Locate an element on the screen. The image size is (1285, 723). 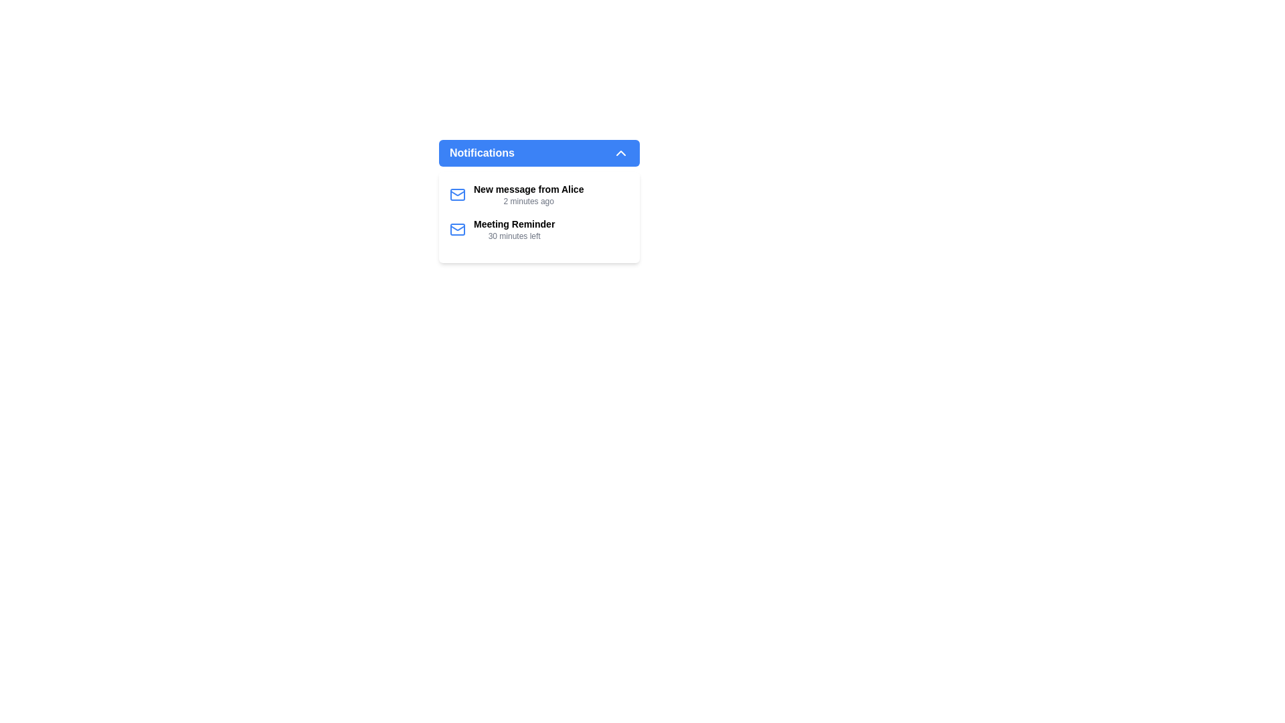
the timestamp text label stating '2 minutes ago', which is positioned below the notification 'New message from Alice' in the notifications dropdown is located at coordinates (528, 201).